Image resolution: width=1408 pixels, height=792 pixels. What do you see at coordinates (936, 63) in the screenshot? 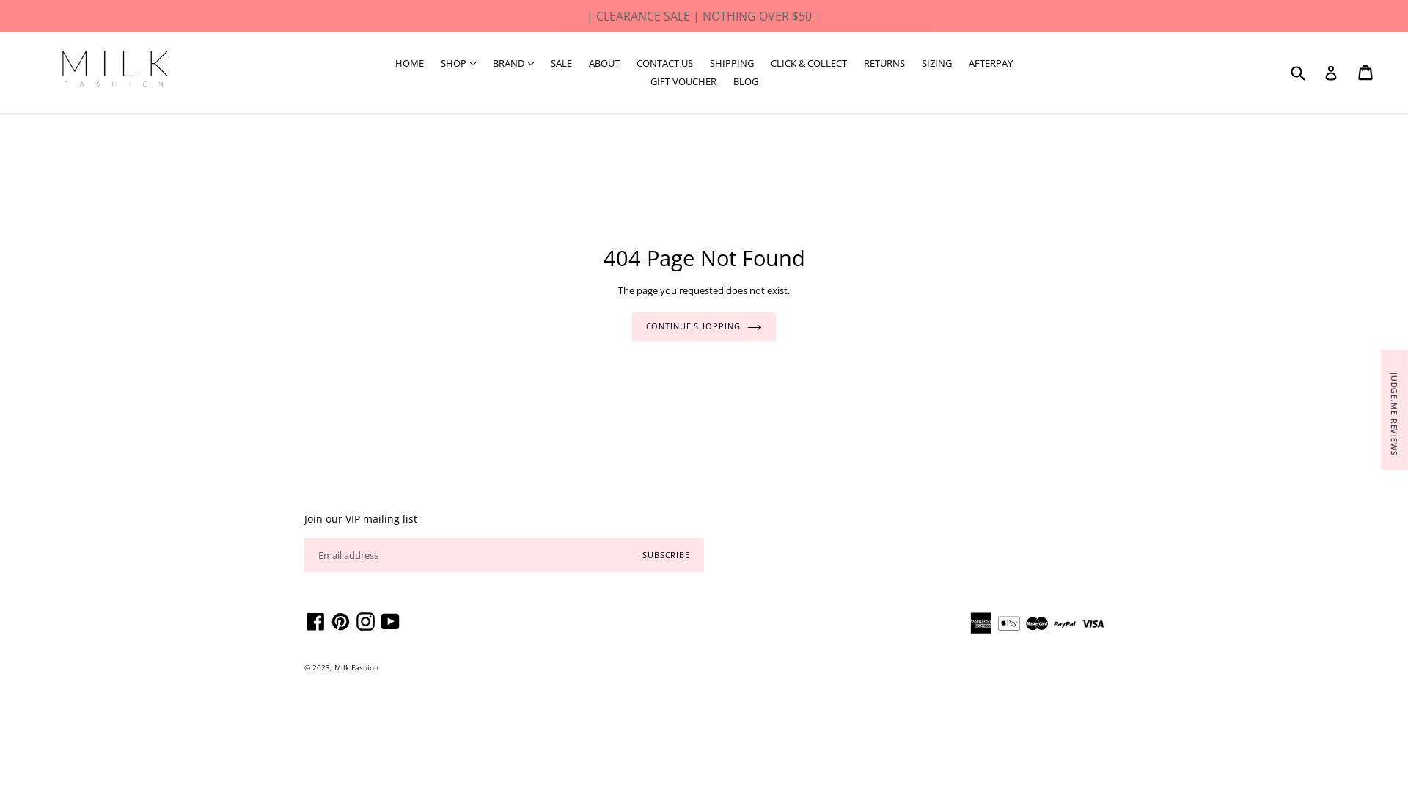
I see `'SIZING'` at bounding box center [936, 63].